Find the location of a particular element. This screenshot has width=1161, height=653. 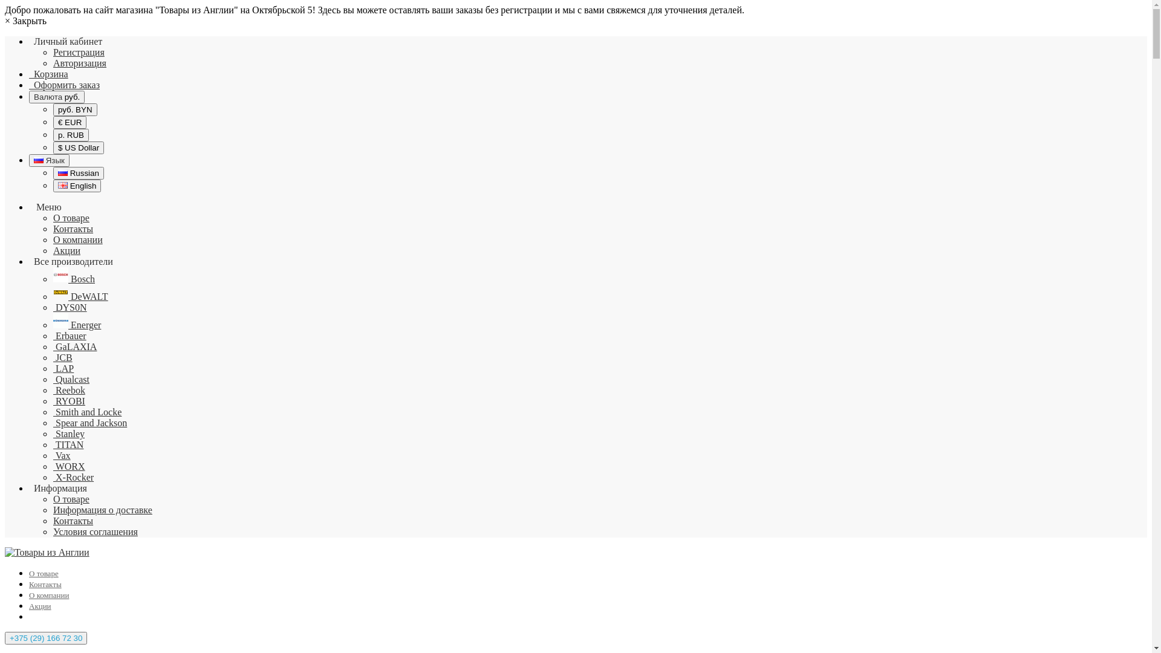

'X-Rocker' is located at coordinates (52, 476).